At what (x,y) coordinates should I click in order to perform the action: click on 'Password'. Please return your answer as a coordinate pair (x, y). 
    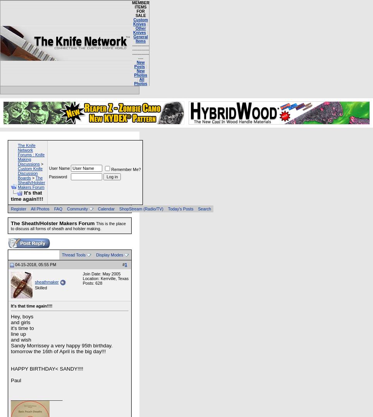
    Looking at the image, I should click on (58, 176).